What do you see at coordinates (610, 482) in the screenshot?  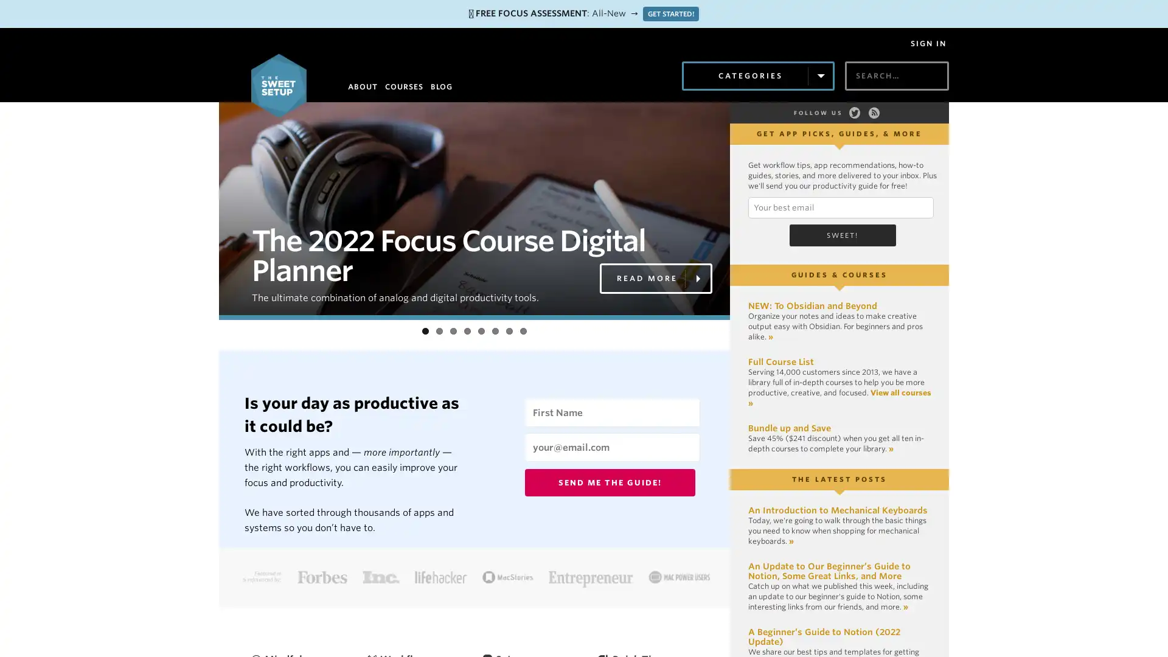 I see `Send Me the Guide!` at bounding box center [610, 482].